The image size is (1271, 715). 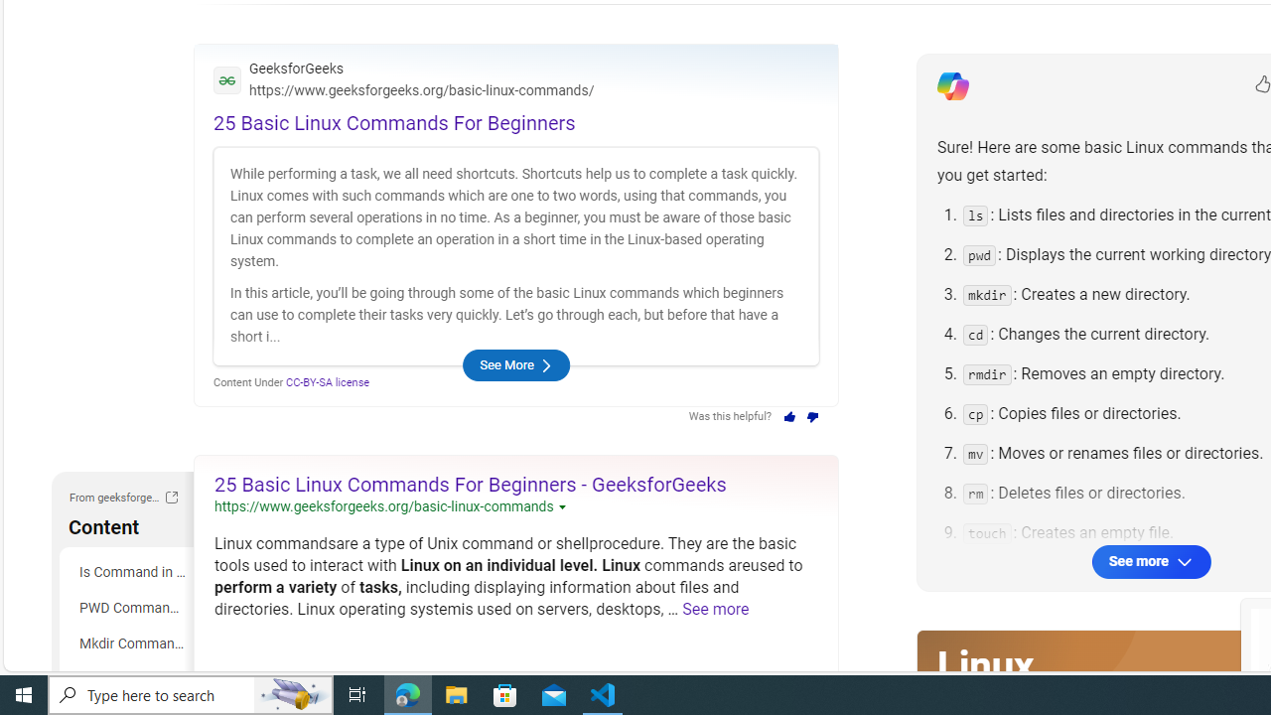 I want to click on 'CD Command in Linux', so click(x=129, y=678).